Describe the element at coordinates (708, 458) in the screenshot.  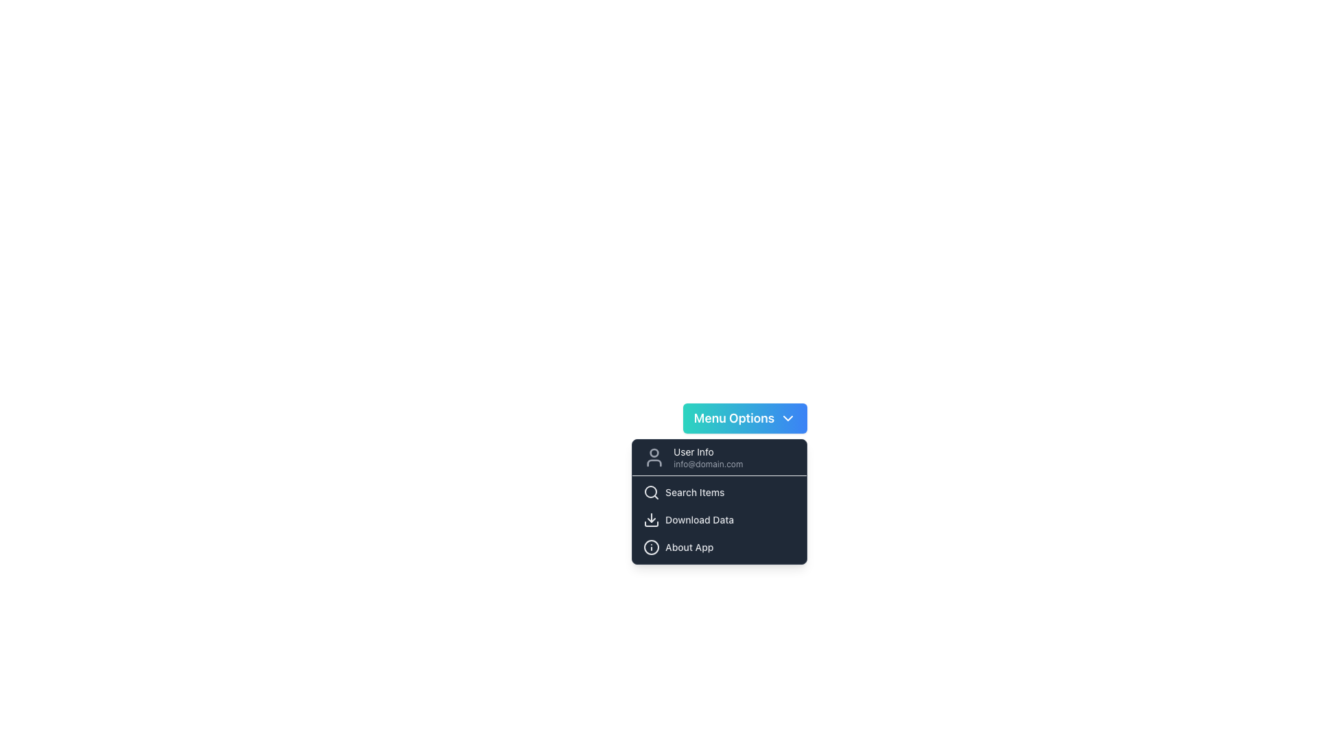
I see `the user information display in the dropdown menu under 'Menu Options', located to the right of the user icon and visually separated by a horizontal line` at that location.